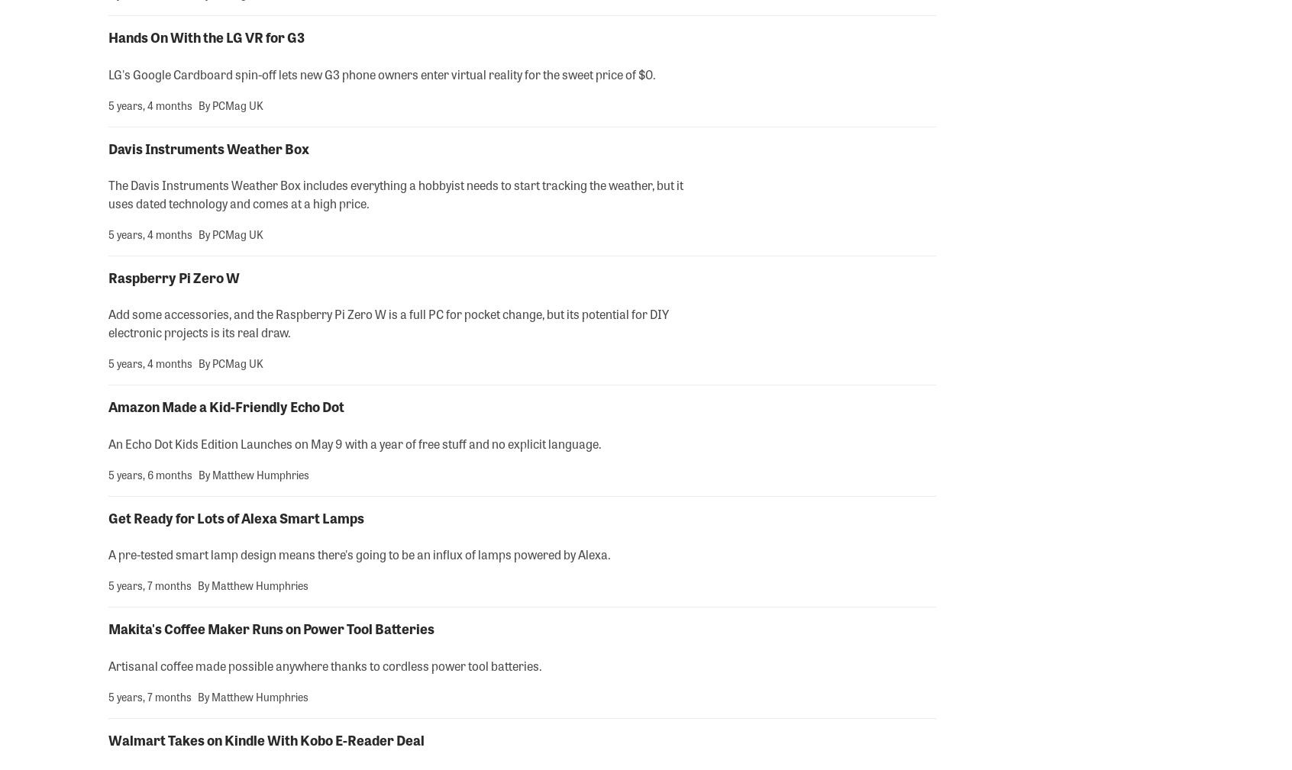  Describe the element at coordinates (271, 628) in the screenshot. I see `'Makita's Coffee Maker Runs on Power Tool Batteries'` at that location.